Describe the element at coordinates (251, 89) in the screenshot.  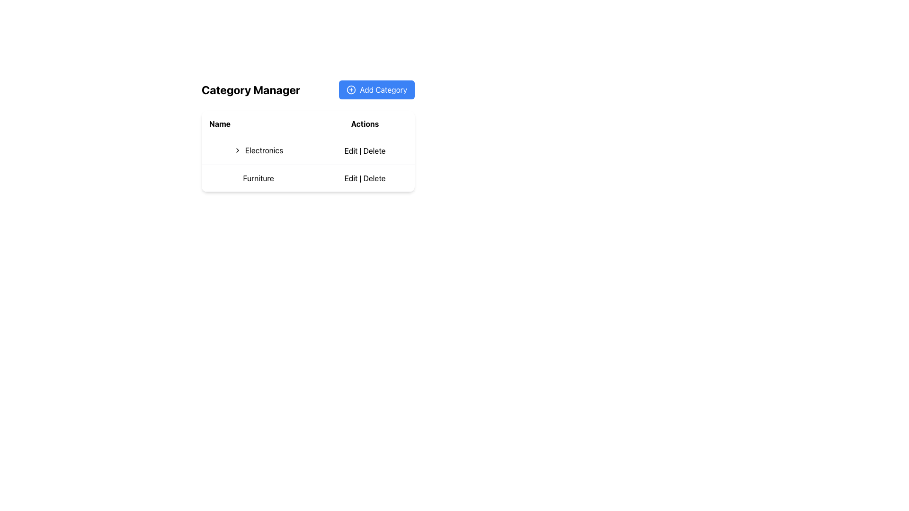
I see `the bold, black text label displaying 'Category Manager' located at the top-left section of the interface, positioned before the 'Add Category' button` at that location.